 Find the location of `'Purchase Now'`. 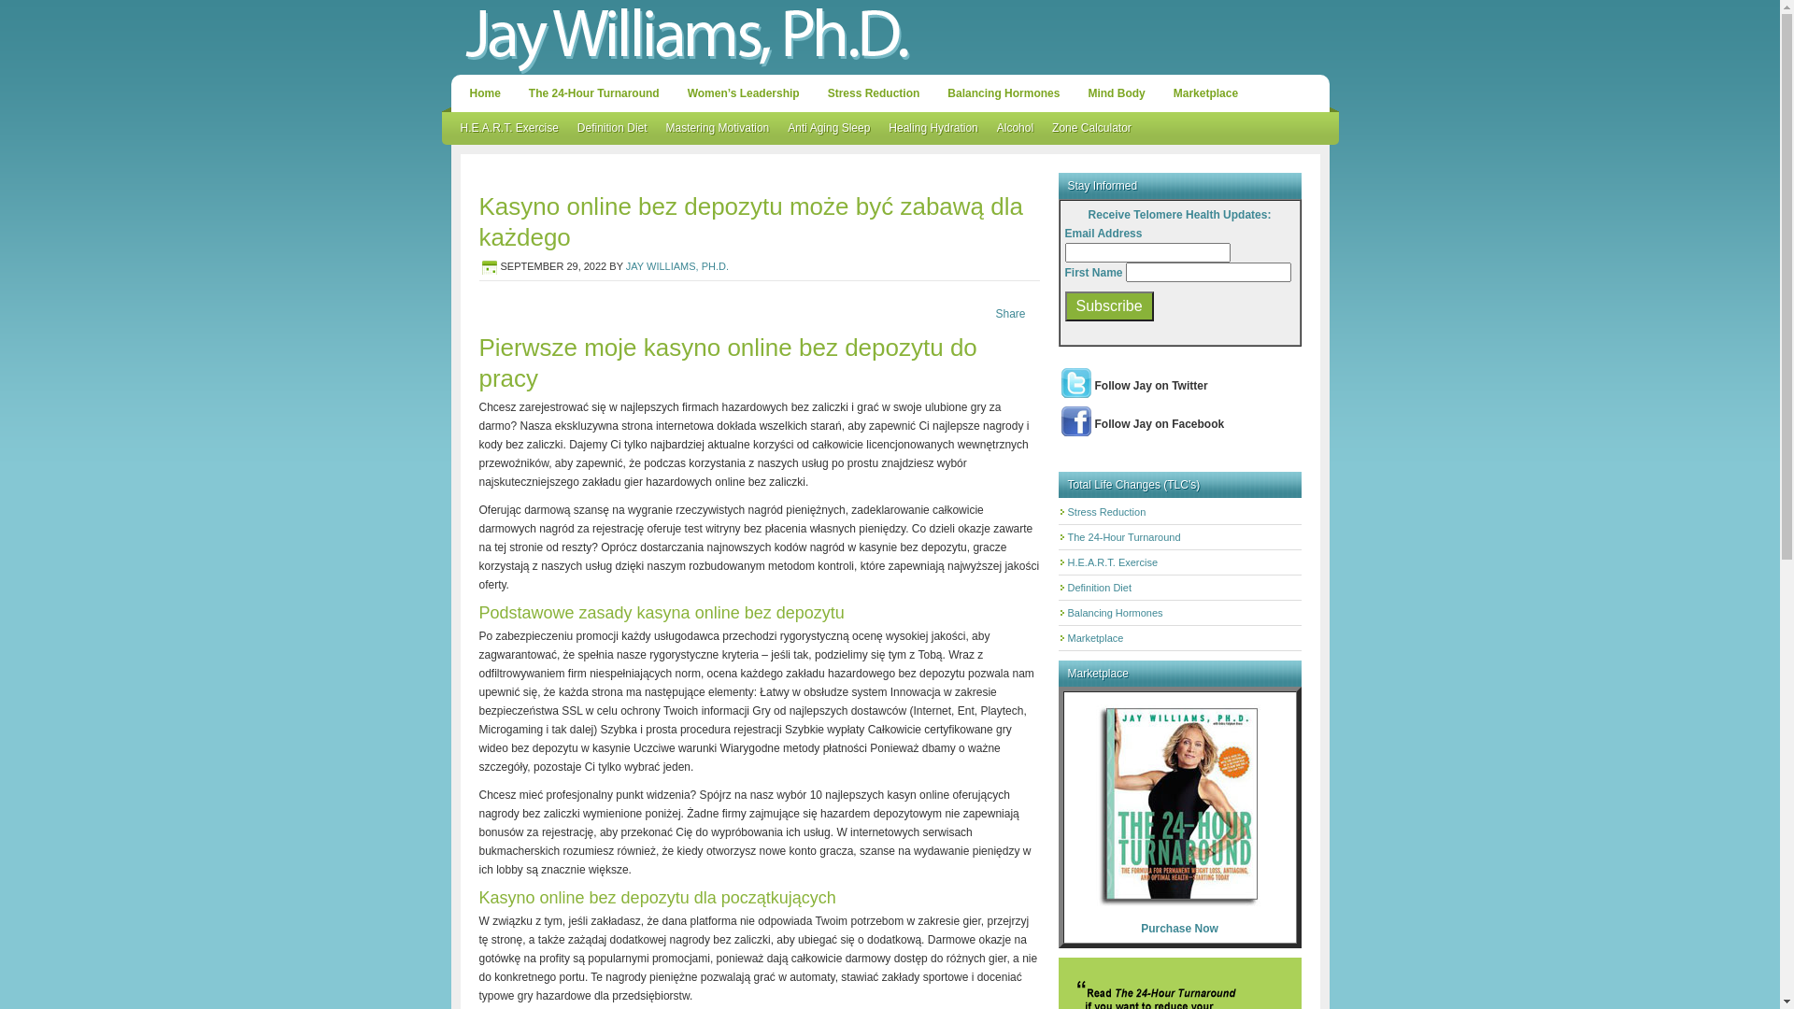

'Purchase Now' is located at coordinates (1178, 929).